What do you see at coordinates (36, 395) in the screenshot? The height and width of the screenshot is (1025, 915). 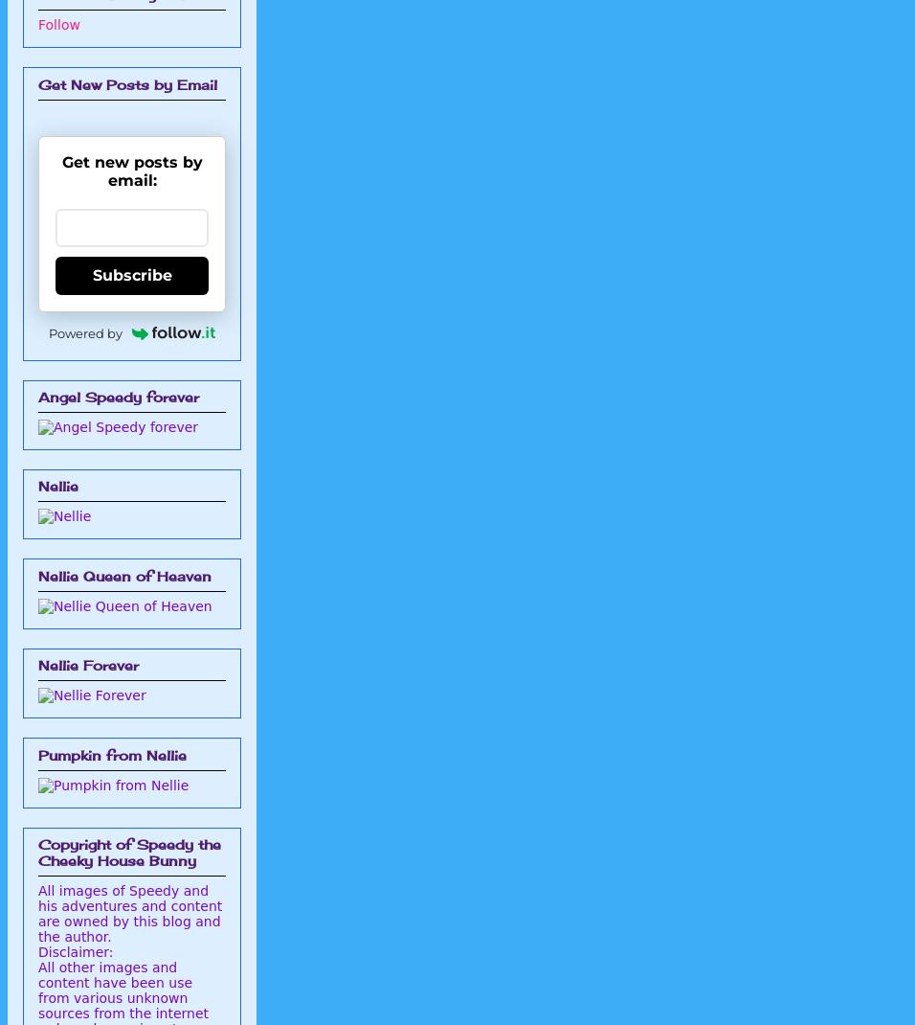 I see `'Angel Speedy forever'` at bounding box center [36, 395].